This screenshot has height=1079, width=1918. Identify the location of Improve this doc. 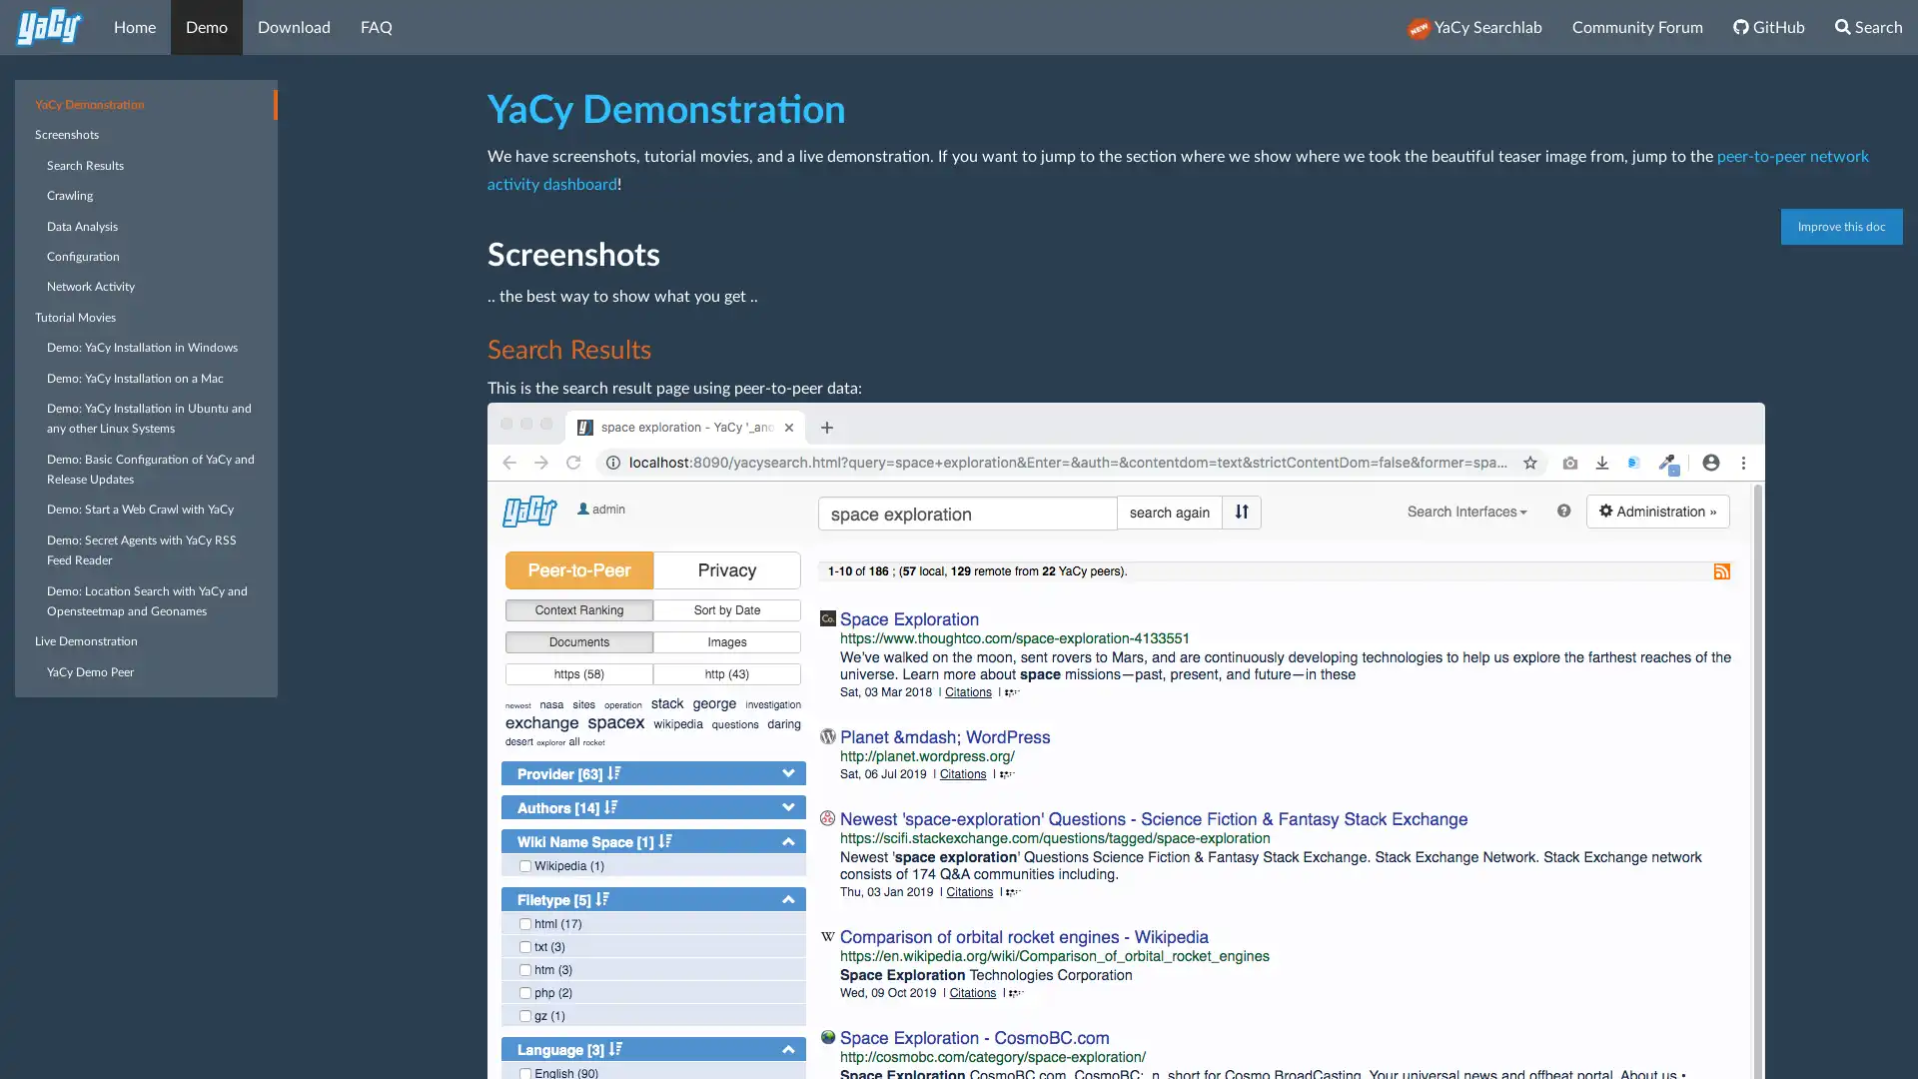
(1840, 226).